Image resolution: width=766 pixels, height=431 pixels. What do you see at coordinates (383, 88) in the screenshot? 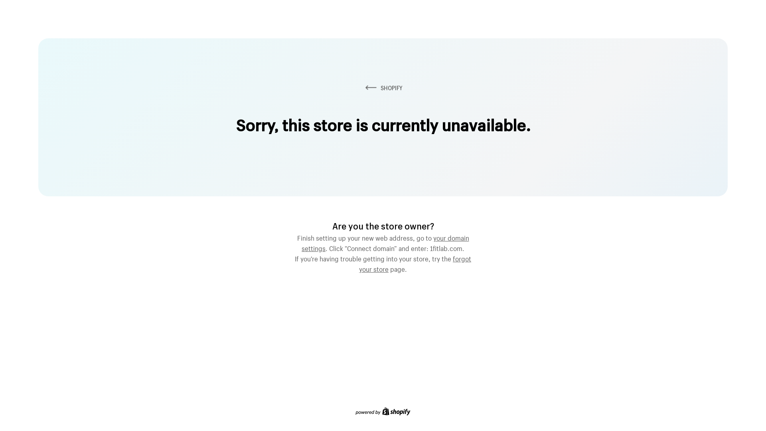
I see `'SHOPIFY'` at bounding box center [383, 88].